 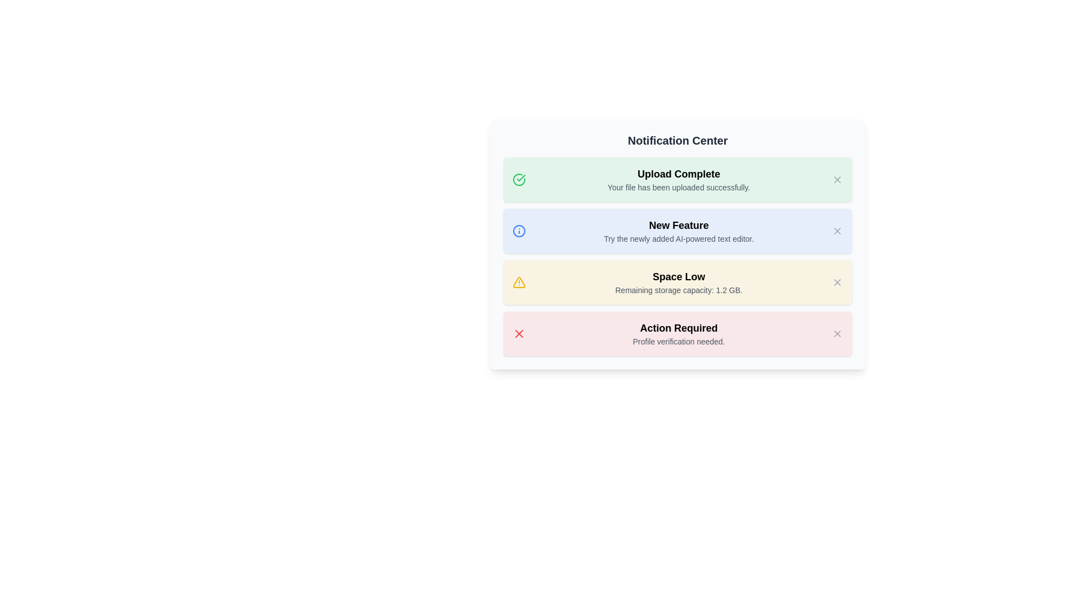 What do you see at coordinates (678, 290) in the screenshot?
I see `the informational text displaying 'Remaining storage capacity: 1.2 GB.' located within the yellow-highlighted 'Space Low' notification block` at bounding box center [678, 290].